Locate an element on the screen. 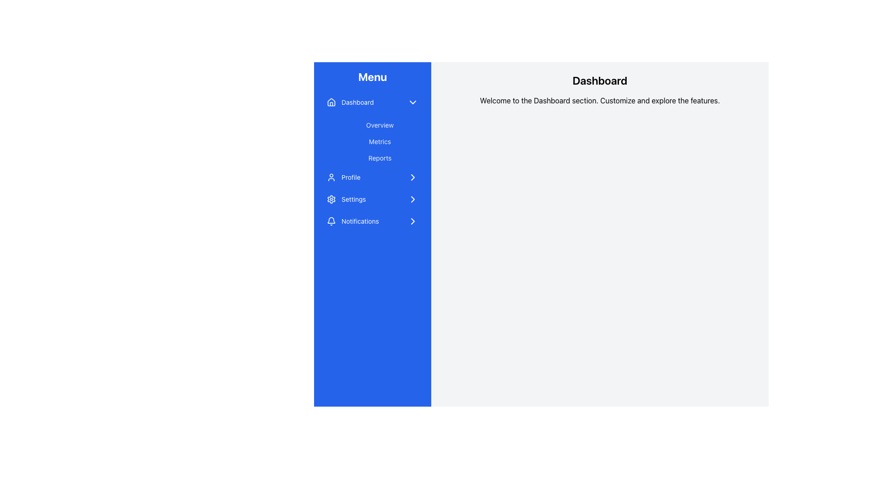 The image size is (879, 494). the 'Reports' navigation text label located as the third item in the vertical list of menu items in the left sidebar panel is located at coordinates (380, 158).